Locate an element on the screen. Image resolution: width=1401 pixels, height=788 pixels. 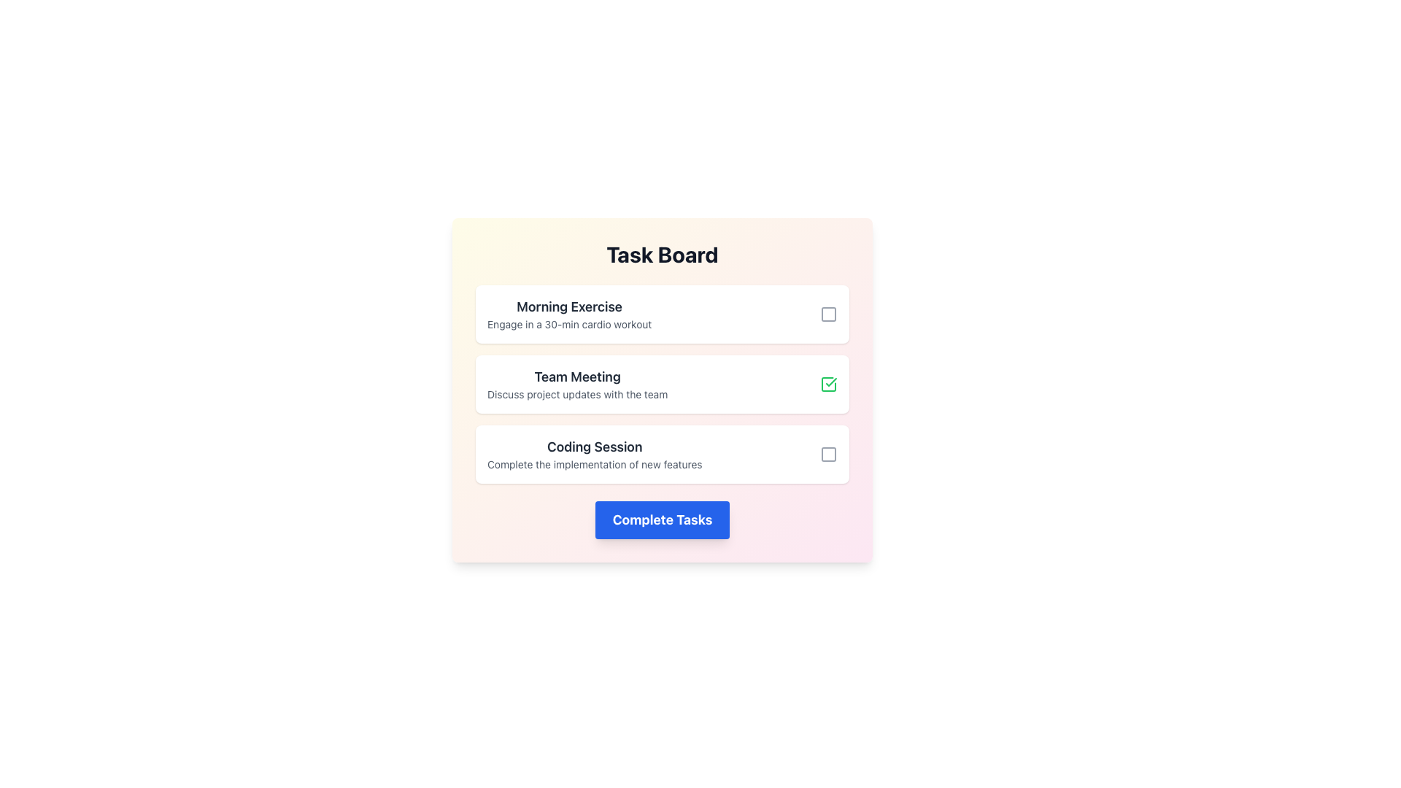
task's name 'Coding Session' and description 'Complete the implementation of new features' from the Task card, which is the third item in the vertical list of tasks on the Task Board interface is located at coordinates (661, 454).